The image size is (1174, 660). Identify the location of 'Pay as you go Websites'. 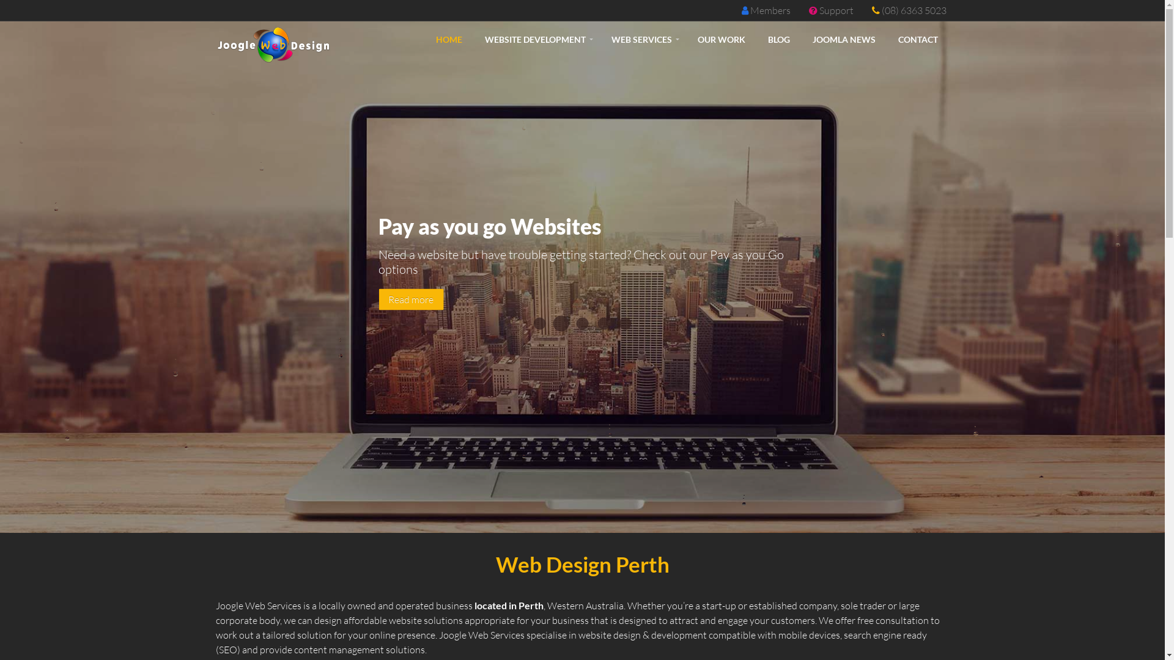
(552, 320).